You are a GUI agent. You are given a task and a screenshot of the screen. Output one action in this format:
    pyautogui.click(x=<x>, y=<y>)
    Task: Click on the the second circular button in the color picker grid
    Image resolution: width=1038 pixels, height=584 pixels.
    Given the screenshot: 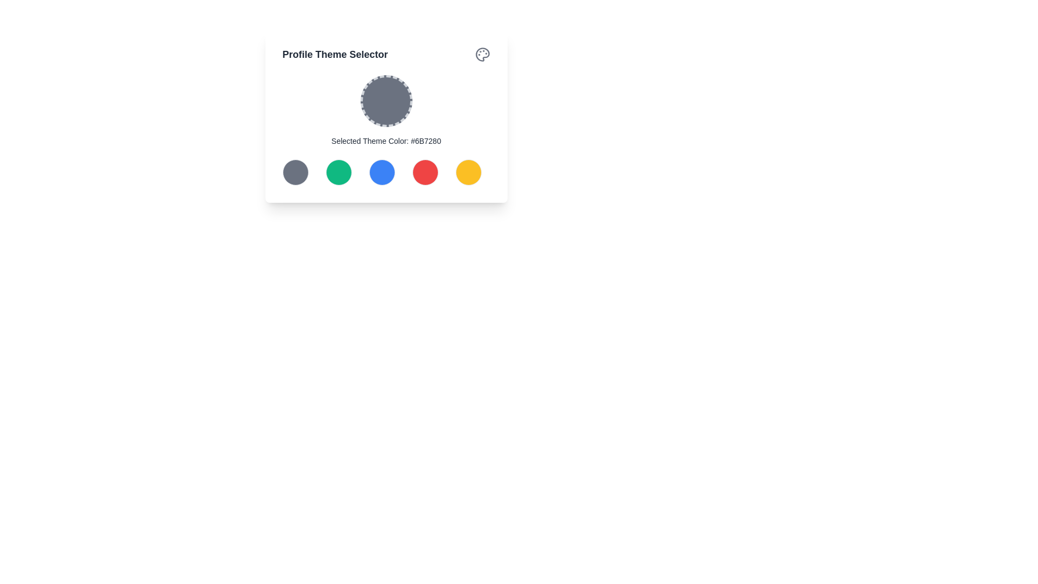 What is the action you would take?
    pyautogui.click(x=338, y=172)
    